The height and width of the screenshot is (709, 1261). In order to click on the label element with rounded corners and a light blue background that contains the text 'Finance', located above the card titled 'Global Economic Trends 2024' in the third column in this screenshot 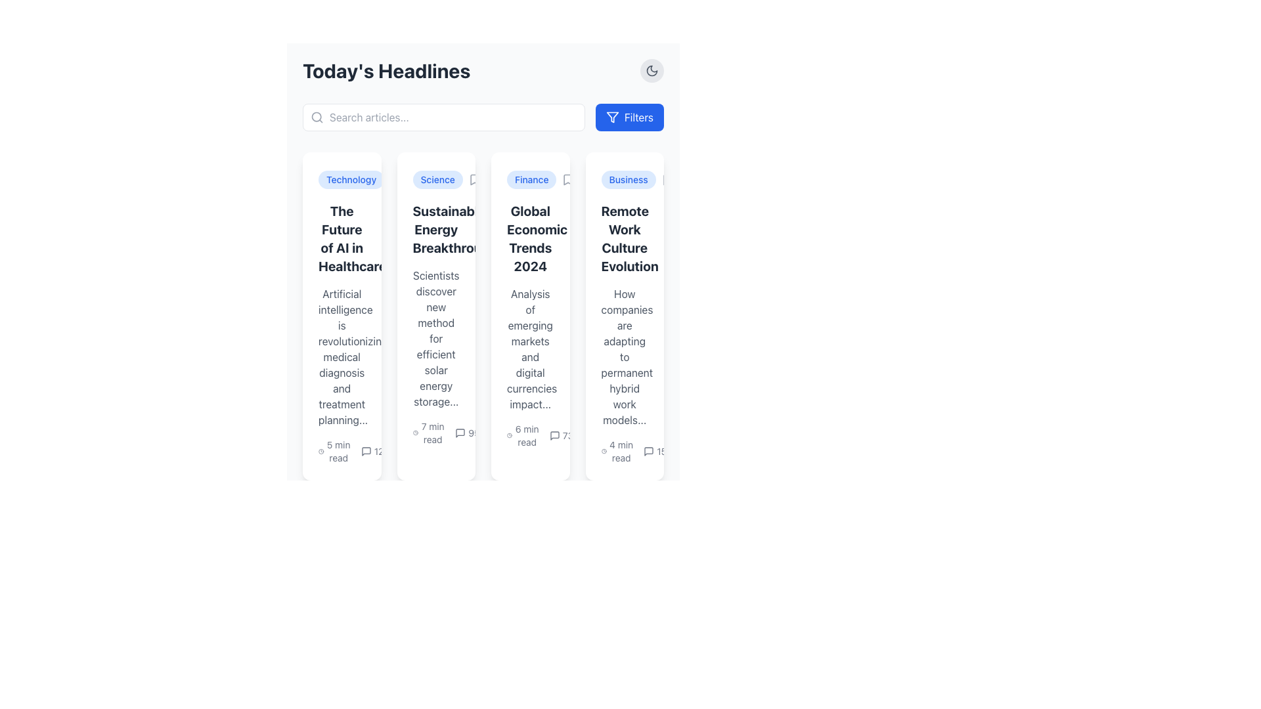, I will do `click(530, 179)`.